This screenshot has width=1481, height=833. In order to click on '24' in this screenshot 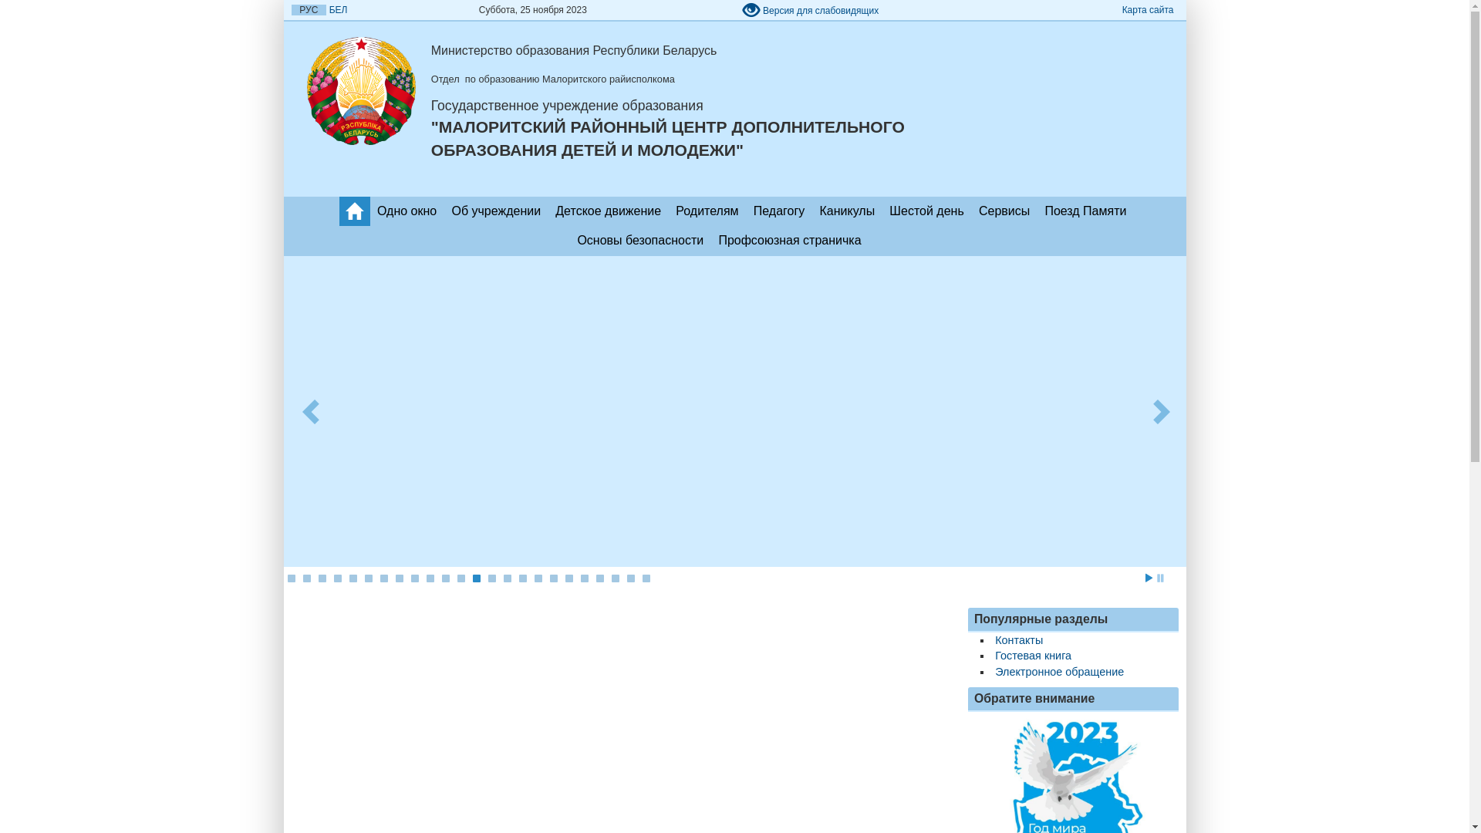, I will do `click(645, 578)`.